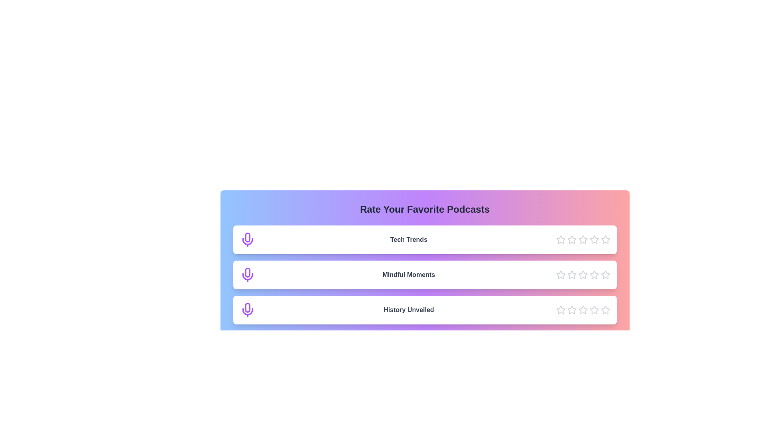  Describe the element at coordinates (571, 239) in the screenshot. I see `the star icon corresponding to 2 stars for the podcast Tech Trends` at that location.